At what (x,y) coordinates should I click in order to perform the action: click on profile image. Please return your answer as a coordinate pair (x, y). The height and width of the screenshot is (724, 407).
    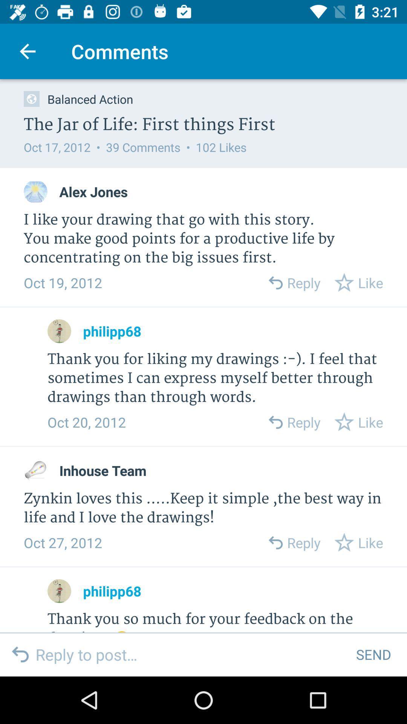
    Looking at the image, I should click on (35, 470).